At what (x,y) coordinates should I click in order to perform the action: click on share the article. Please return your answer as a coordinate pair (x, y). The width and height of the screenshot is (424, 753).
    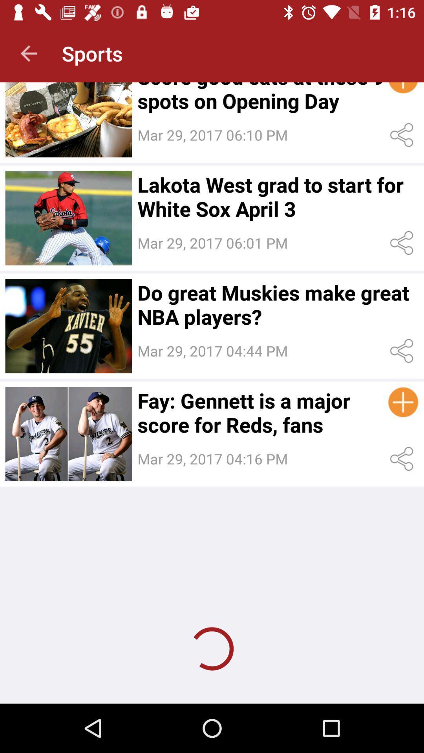
    Looking at the image, I should click on (403, 459).